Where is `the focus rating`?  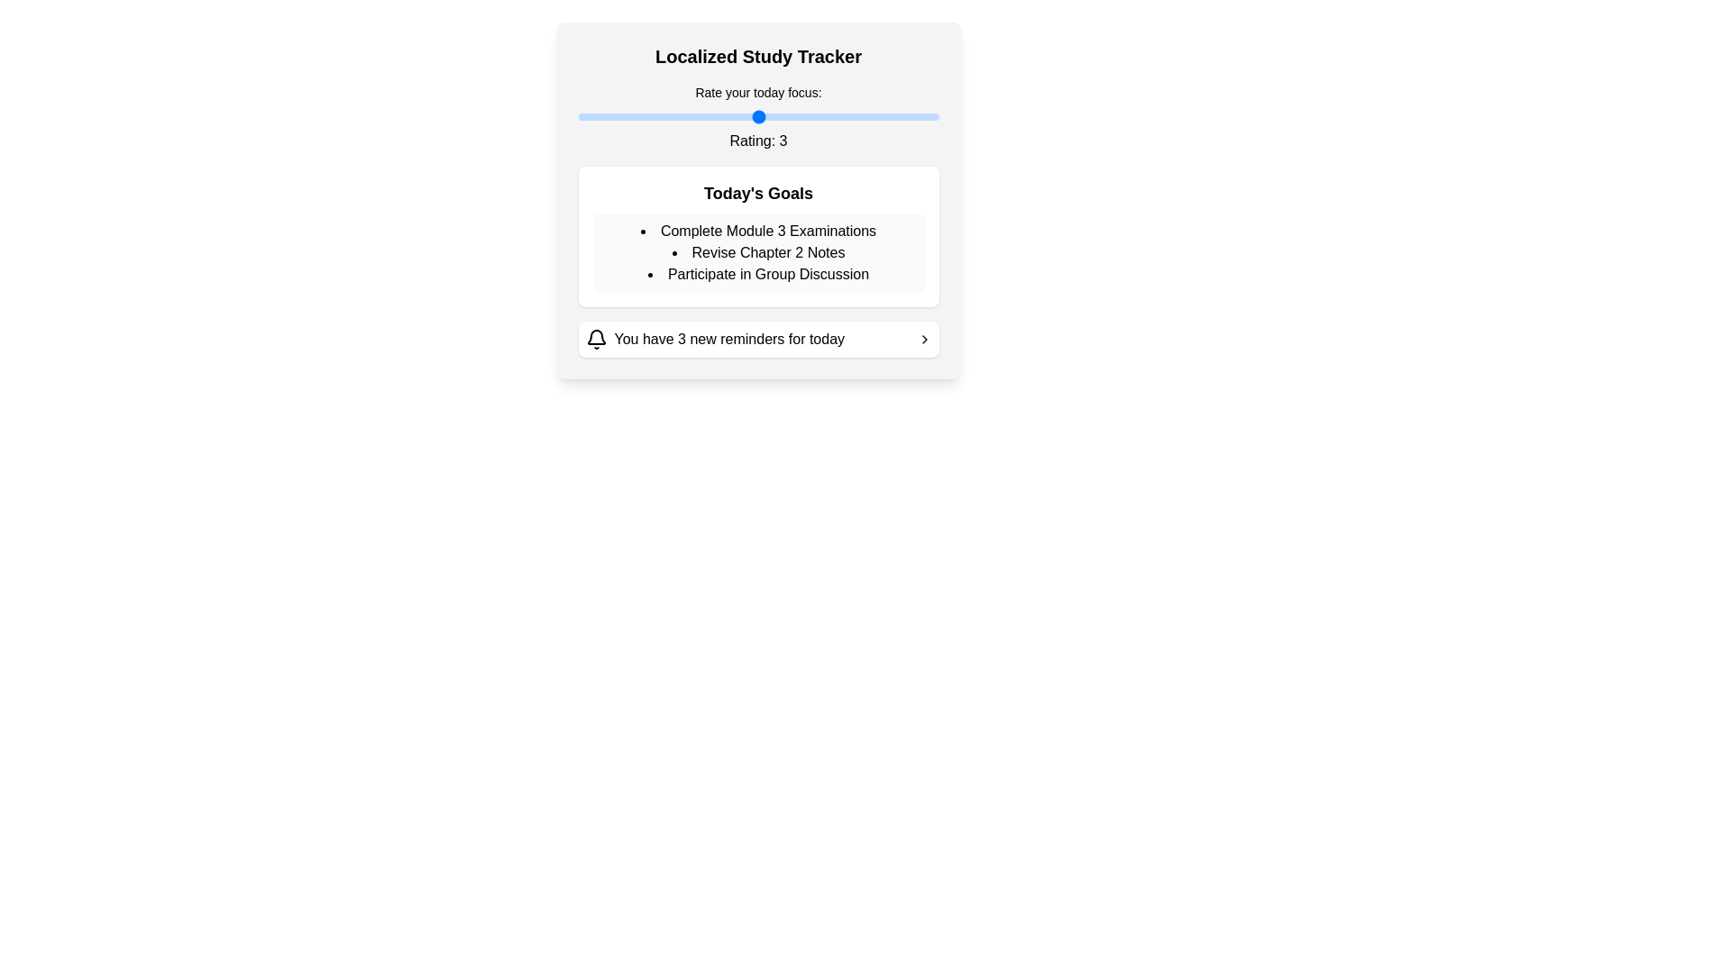 the focus rating is located at coordinates (847, 117).